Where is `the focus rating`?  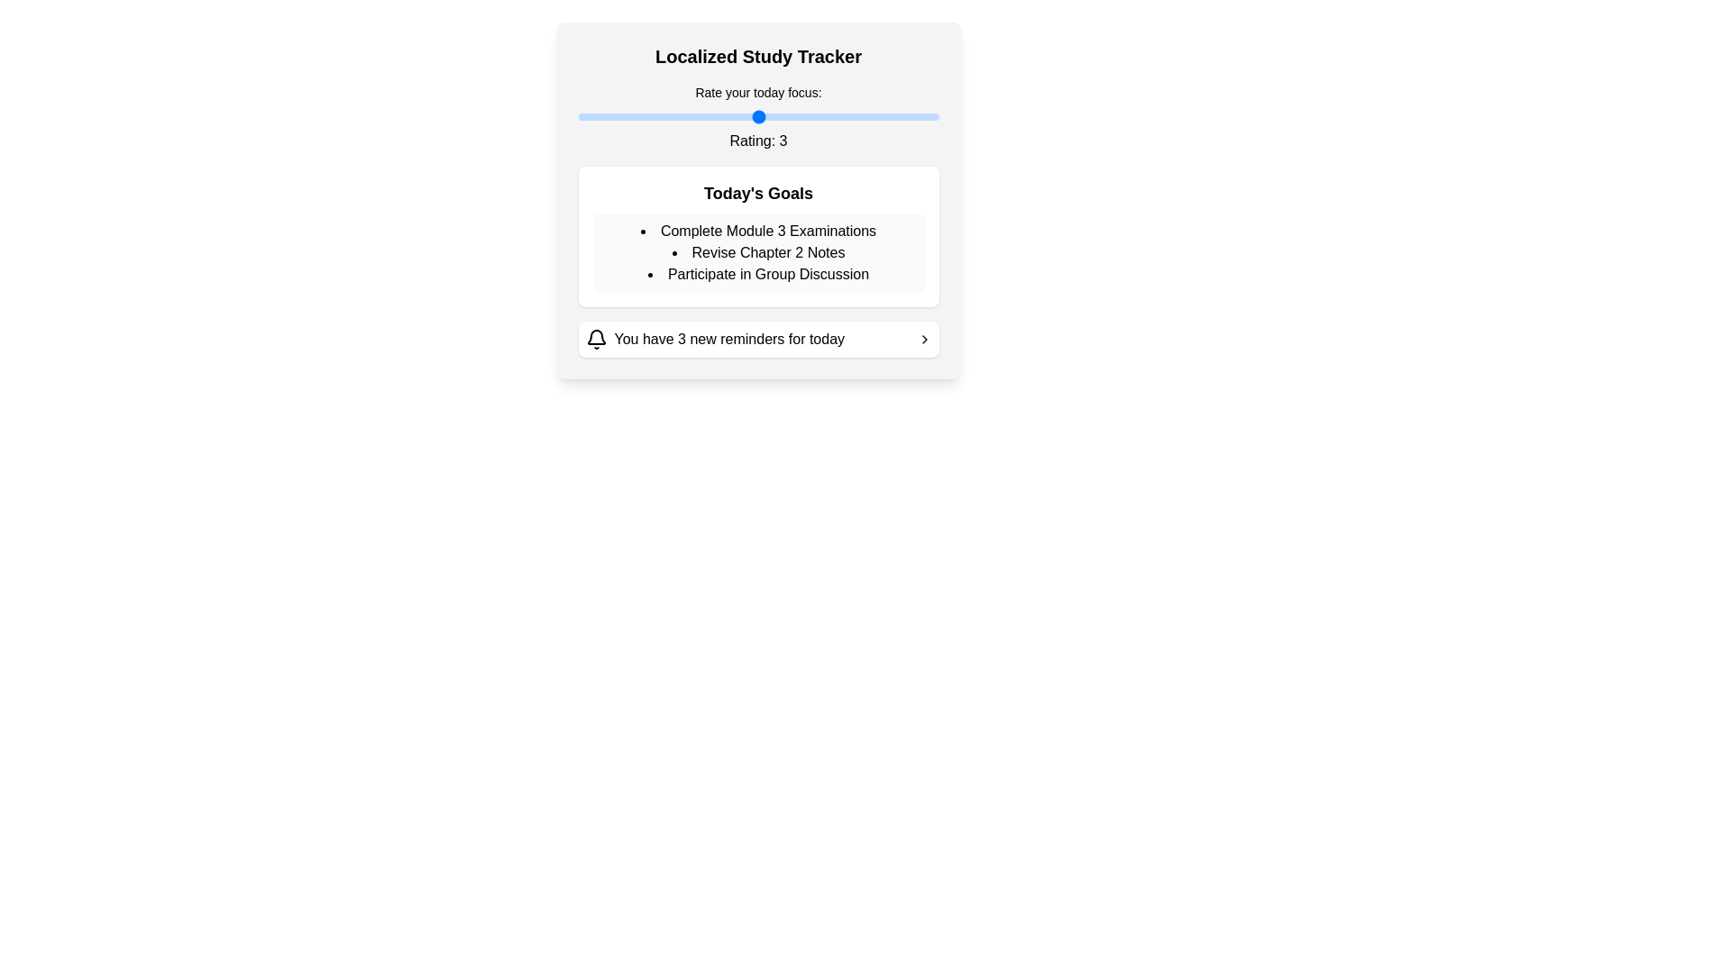 the focus rating is located at coordinates (847, 117).